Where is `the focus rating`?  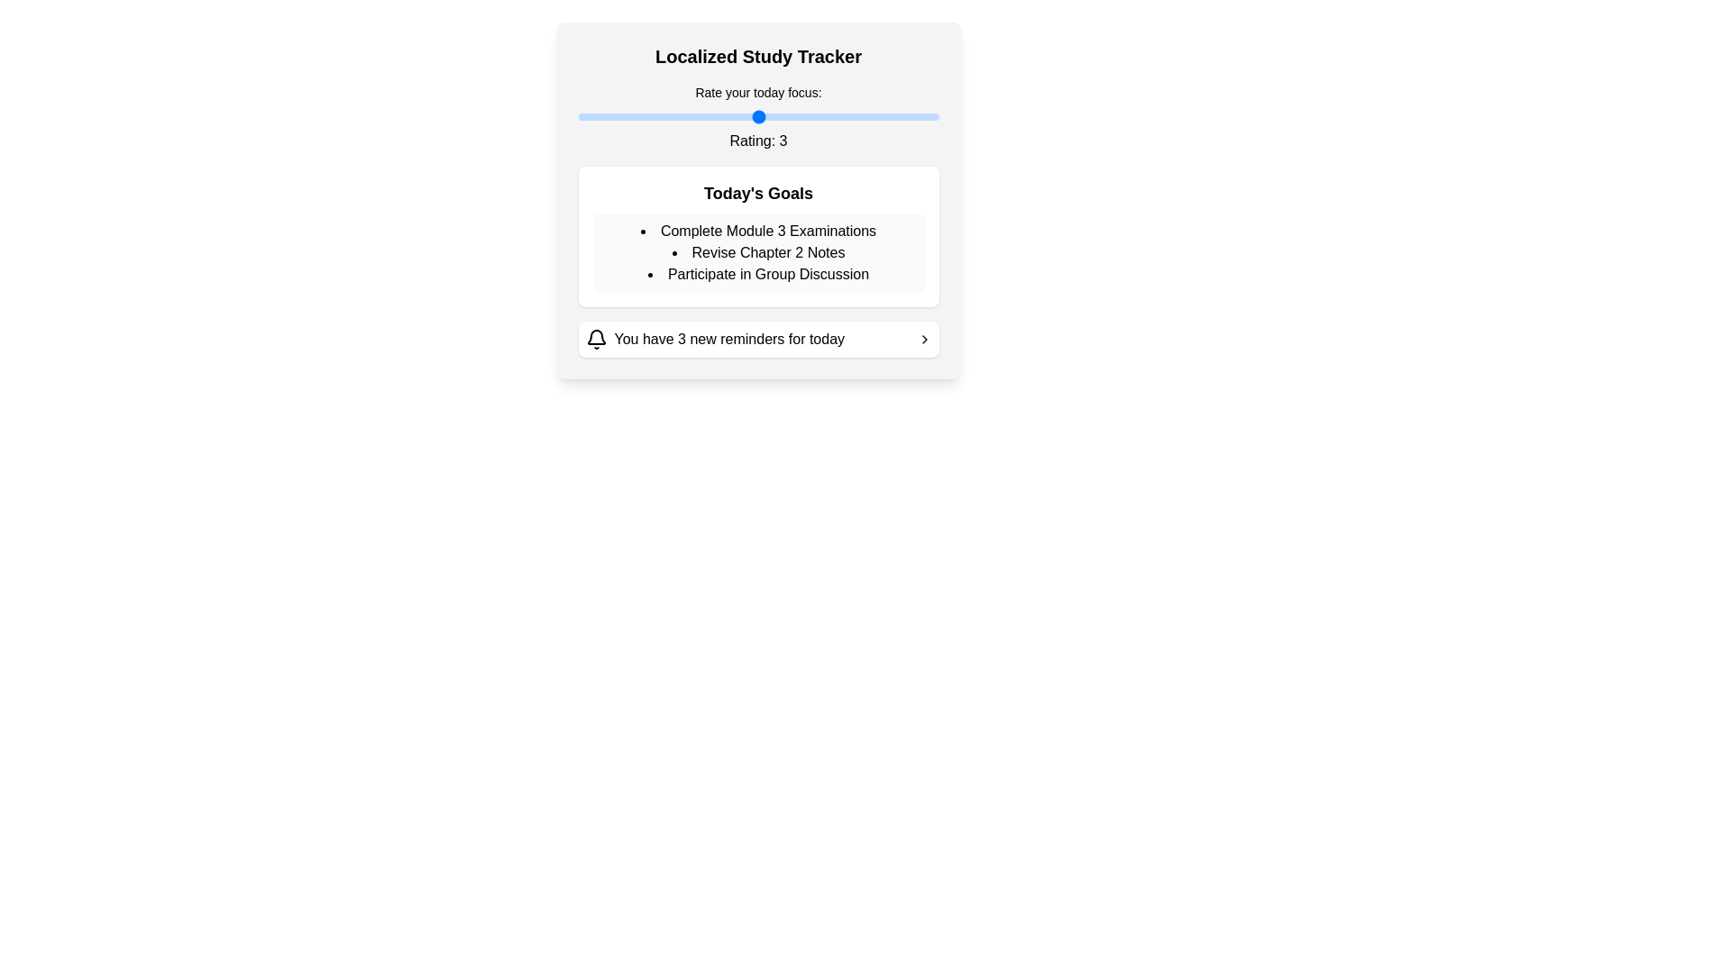 the focus rating is located at coordinates (847, 117).